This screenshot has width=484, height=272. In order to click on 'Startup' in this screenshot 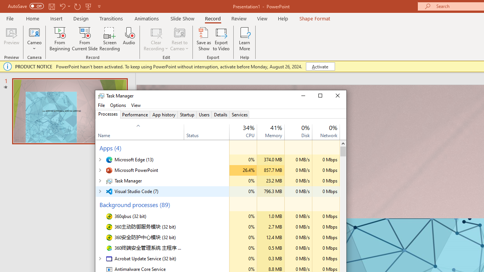, I will do `click(187, 114)`.